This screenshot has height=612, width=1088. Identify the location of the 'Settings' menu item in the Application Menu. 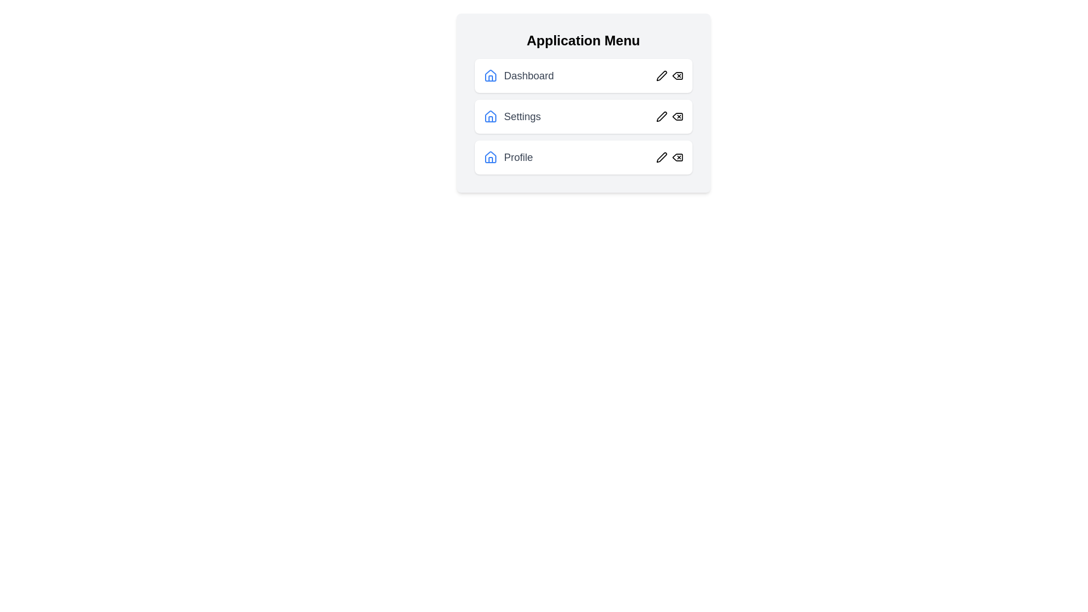
(511, 116).